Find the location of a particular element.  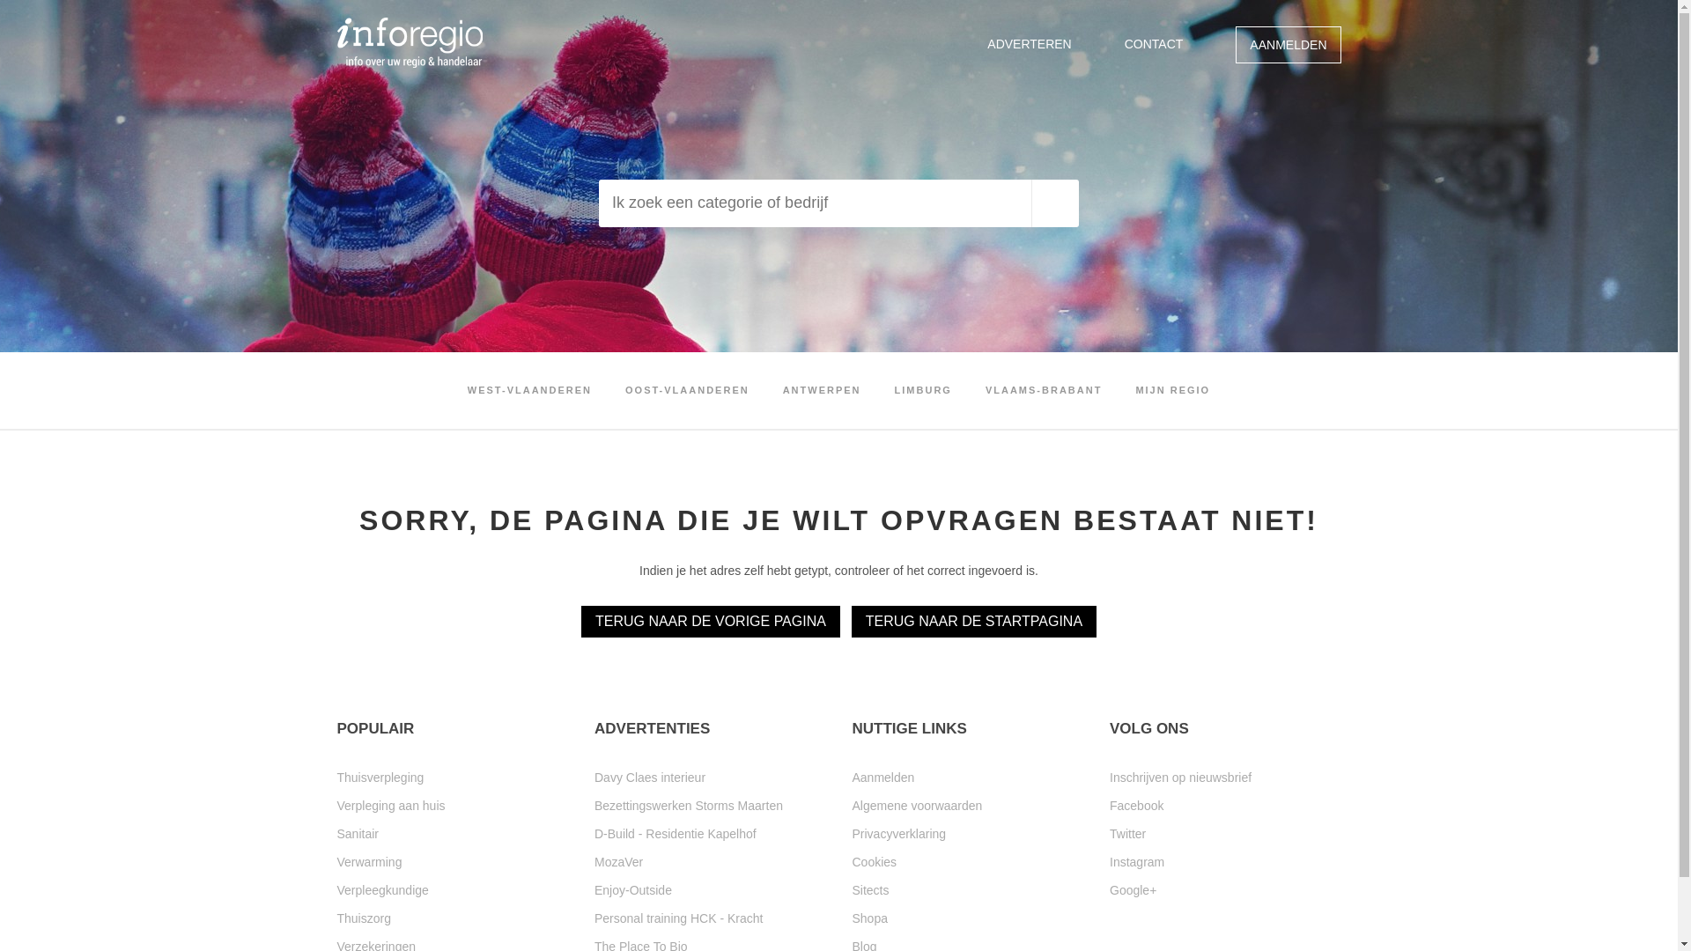

'ZOEKEN' is located at coordinates (1055, 203).